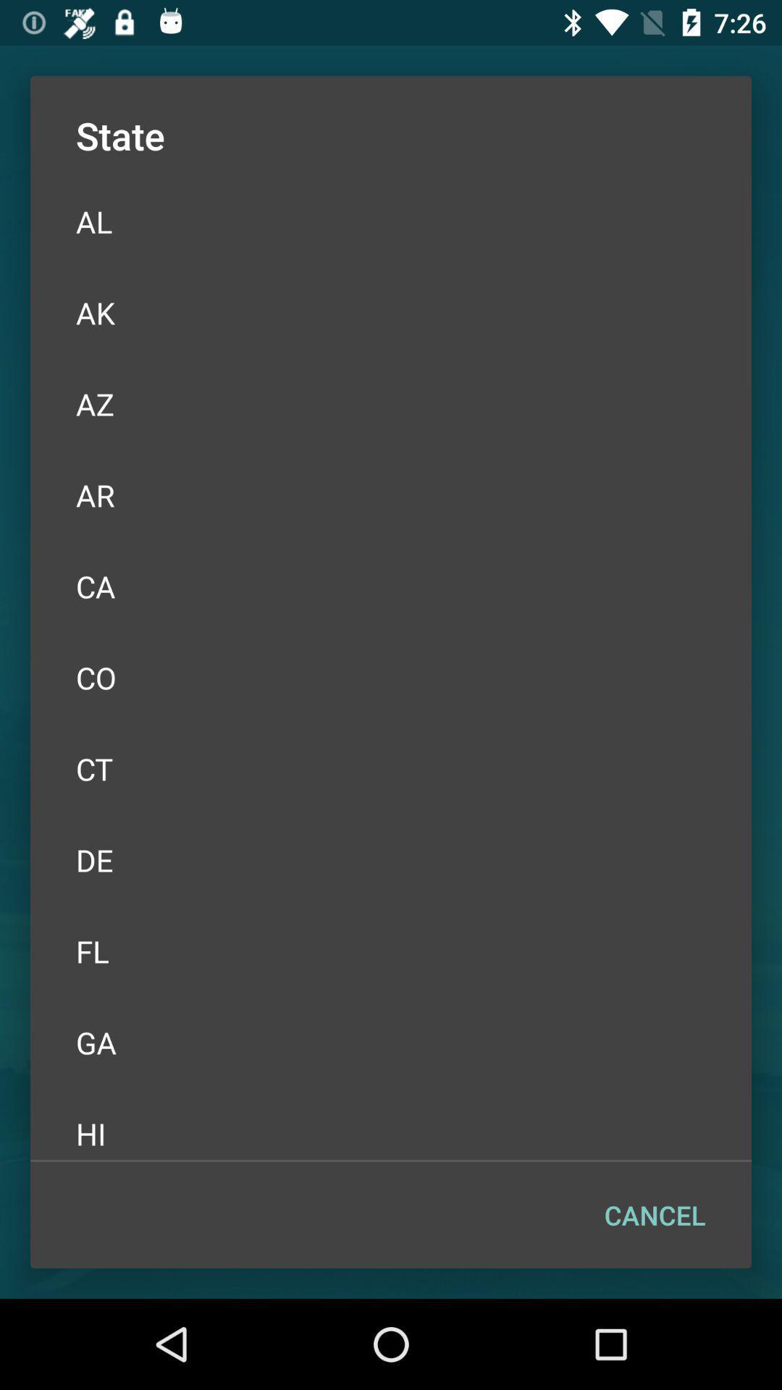 This screenshot has height=1390, width=782. What do you see at coordinates (391, 312) in the screenshot?
I see `the item below the al icon` at bounding box center [391, 312].